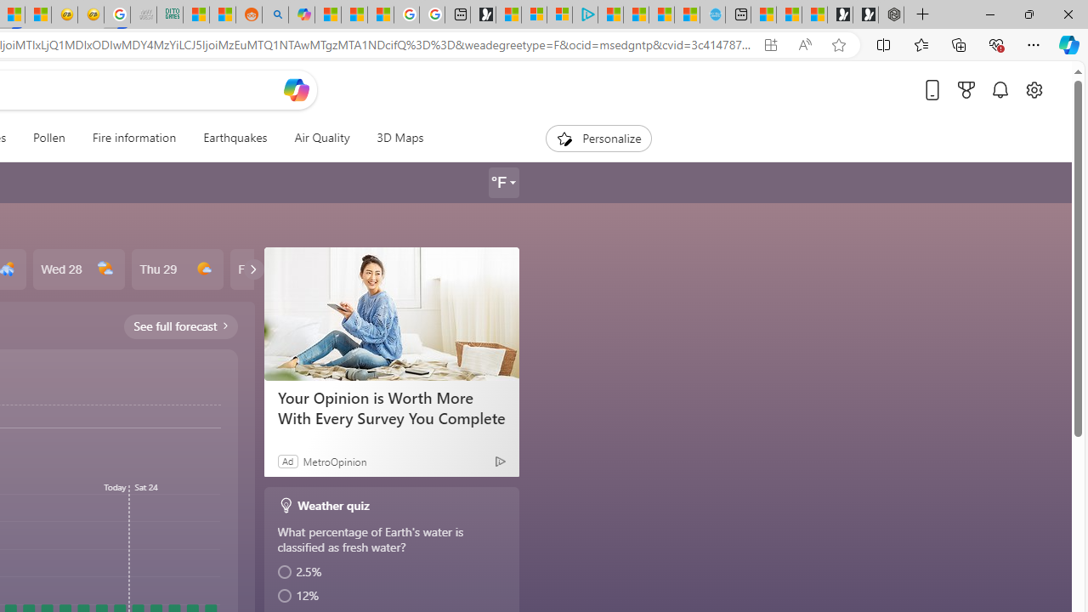 The width and height of the screenshot is (1088, 612). What do you see at coordinates (884, 43) in the screenshot?
I see `'Split screen'` at bounding box center [884, 43].